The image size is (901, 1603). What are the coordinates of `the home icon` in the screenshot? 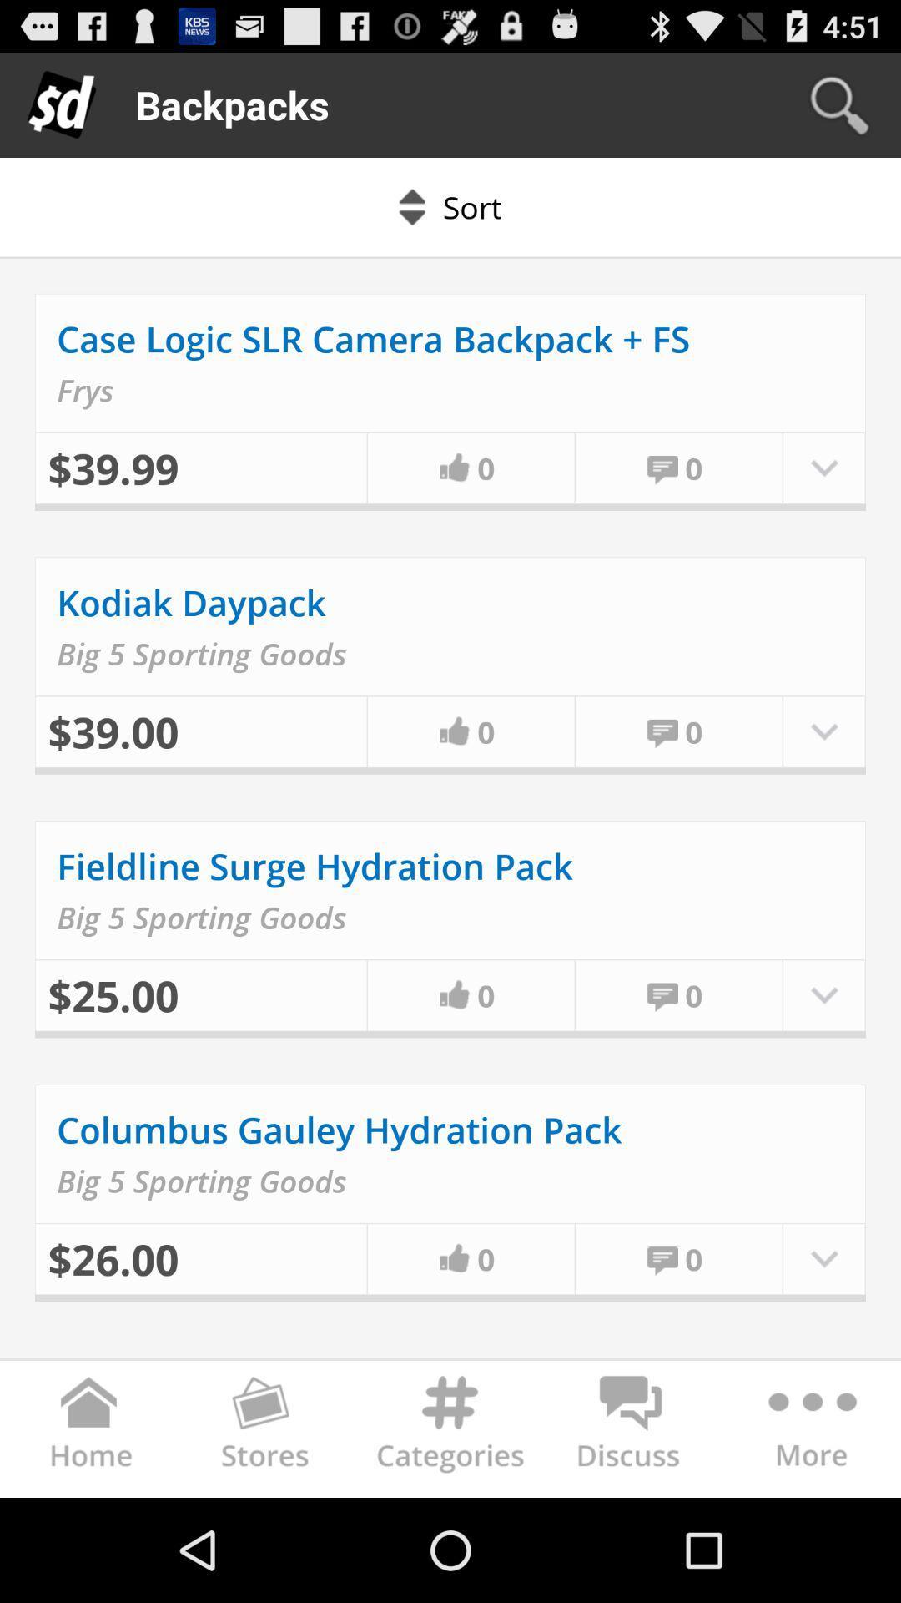 It's located at (90, 1533).